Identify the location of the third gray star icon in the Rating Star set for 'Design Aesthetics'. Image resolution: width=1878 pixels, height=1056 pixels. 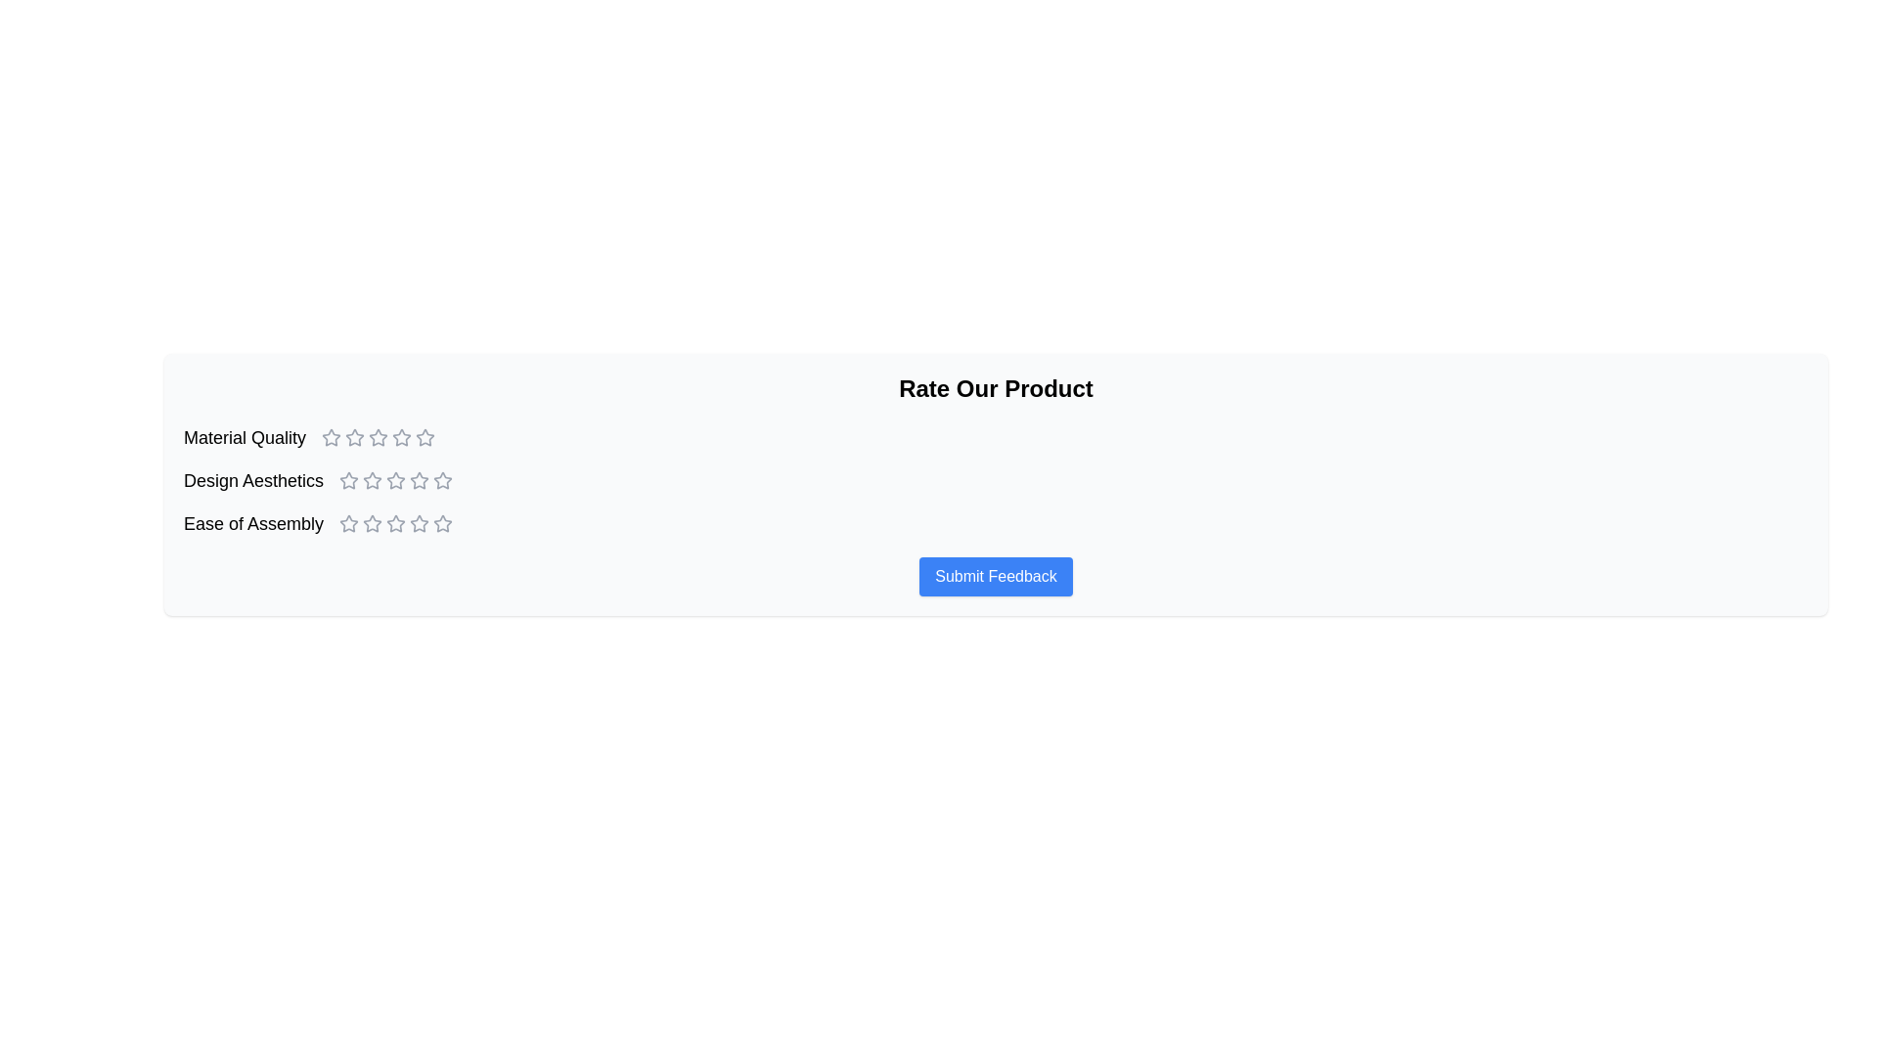
(395, 481).